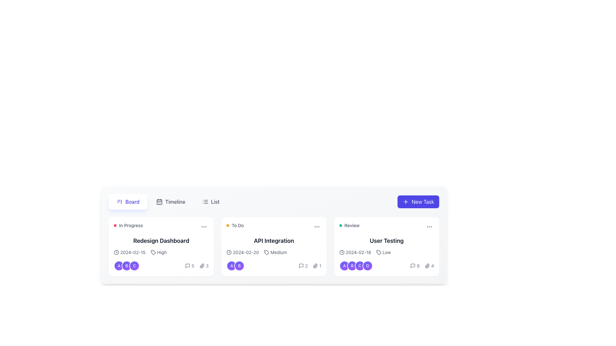 This screenshot has width=616, height=346. I want to click on the 'Board' label located in the center-right side of the horizontally aligned navigational menu, so click(132, 201).